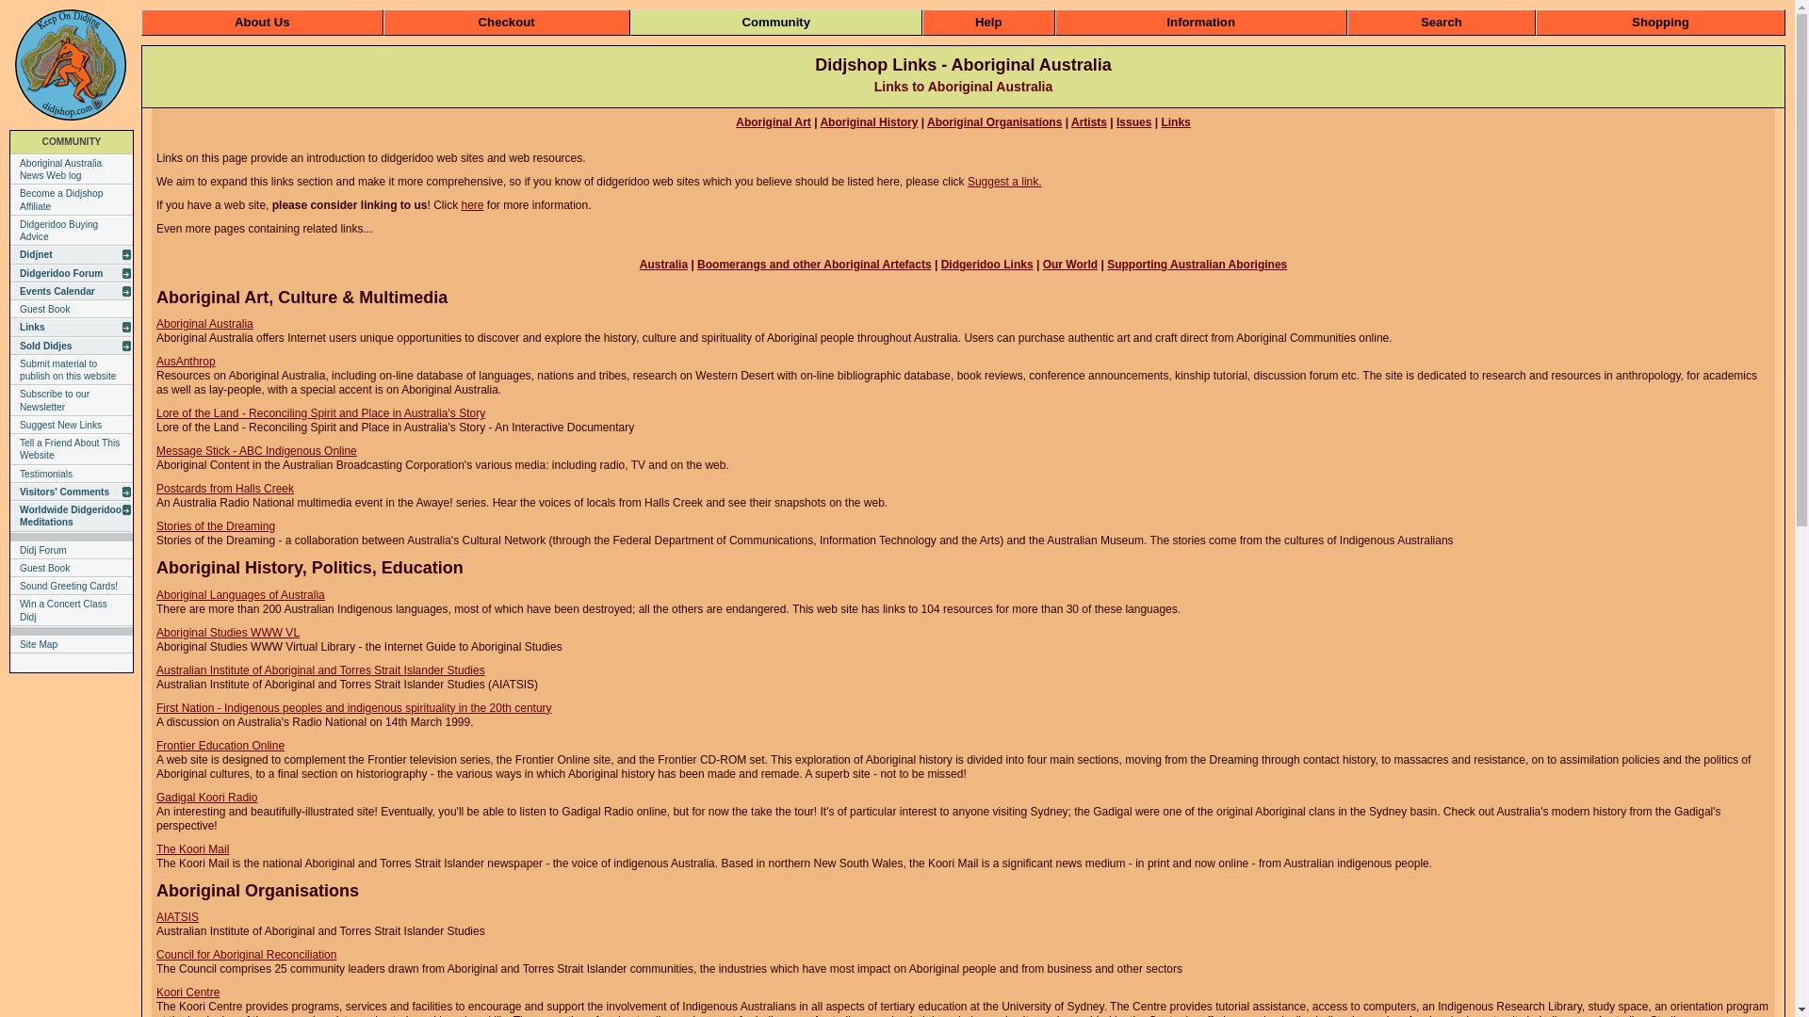 The width and height of the screenshot is (1809, 1017). Describe the element at coordinates (226, 632) in the screenshot. I see `'Aboriginal Studies WWW VL'` at that location.